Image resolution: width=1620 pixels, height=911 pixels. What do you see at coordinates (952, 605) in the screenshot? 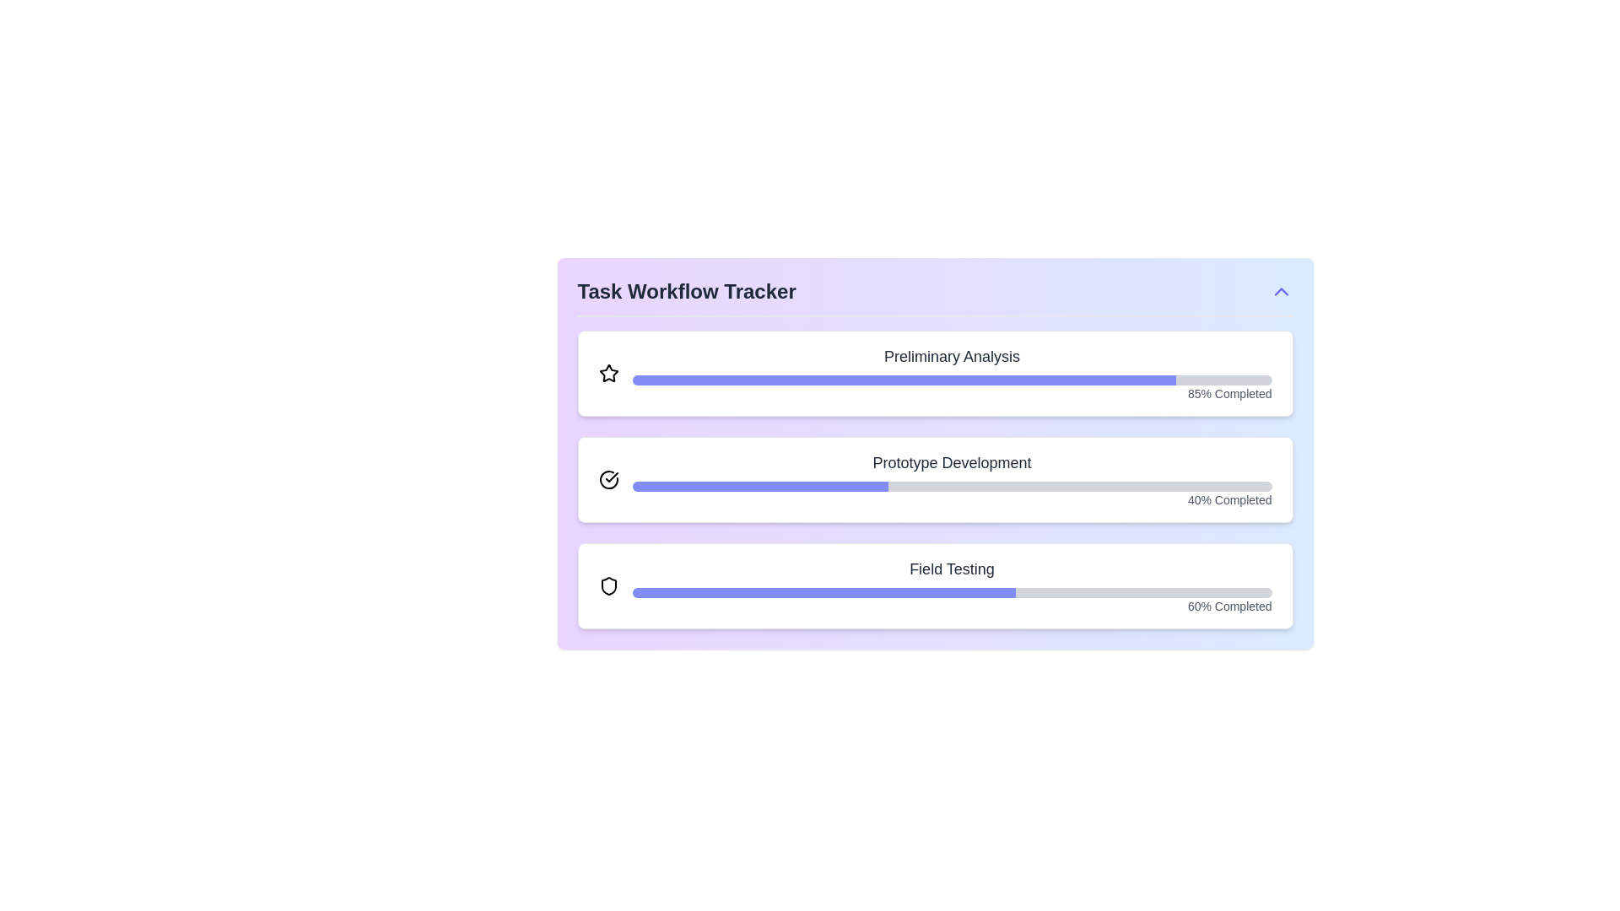
I see `the text label displaying '60% Completed' located at the bottom right of the 'Field Testing' section` at bounding box center [952, 605].